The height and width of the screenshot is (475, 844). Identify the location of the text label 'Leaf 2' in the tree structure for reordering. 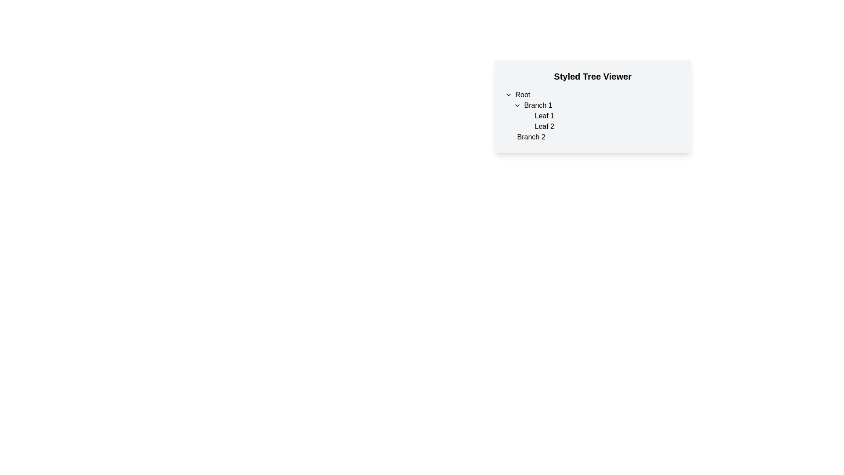
(544, 127).